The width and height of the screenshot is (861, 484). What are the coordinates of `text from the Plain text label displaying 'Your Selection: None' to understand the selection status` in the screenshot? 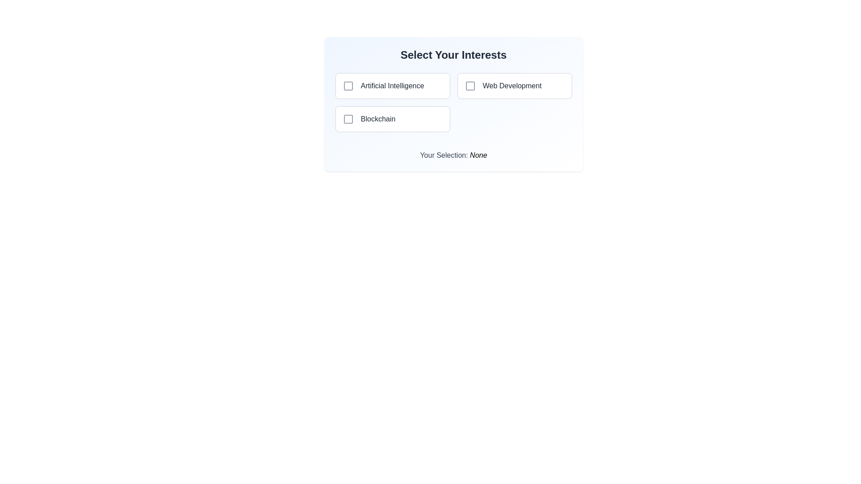 It's located at (478, 155).